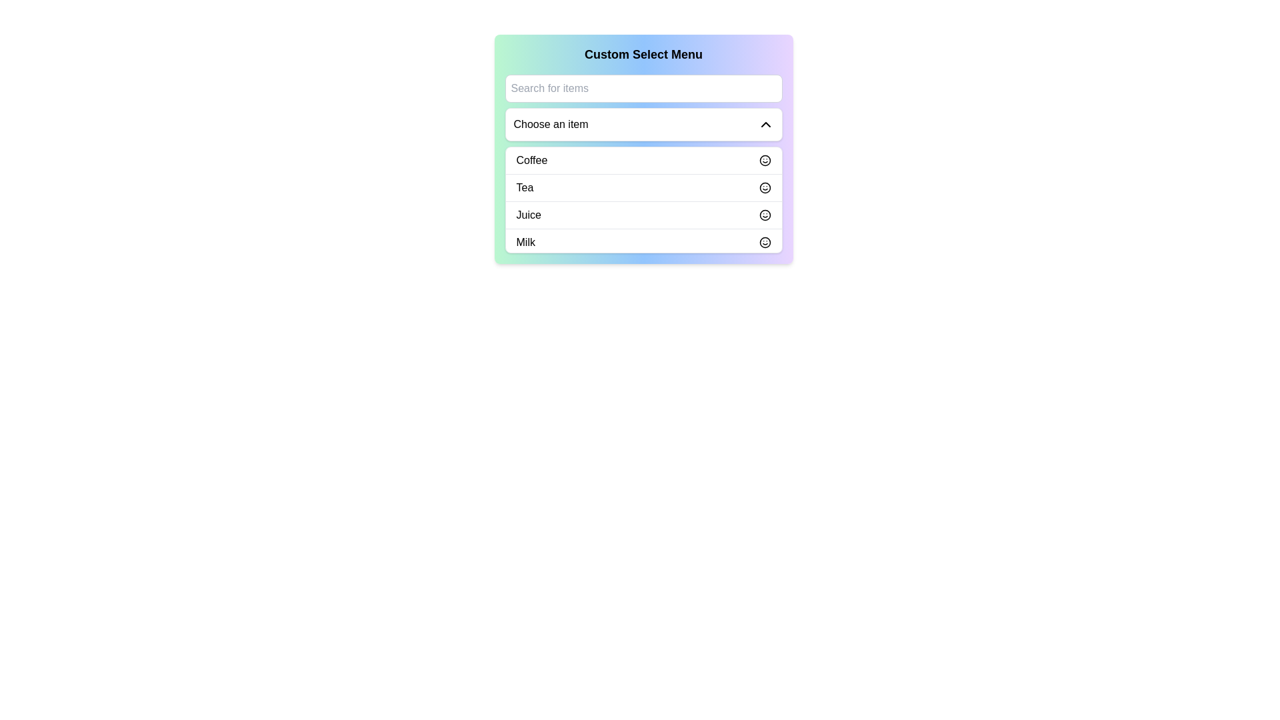  I want to click on the heading text label at the top of the panel that describes the purpose of the surrounding content, so click(643, 53).